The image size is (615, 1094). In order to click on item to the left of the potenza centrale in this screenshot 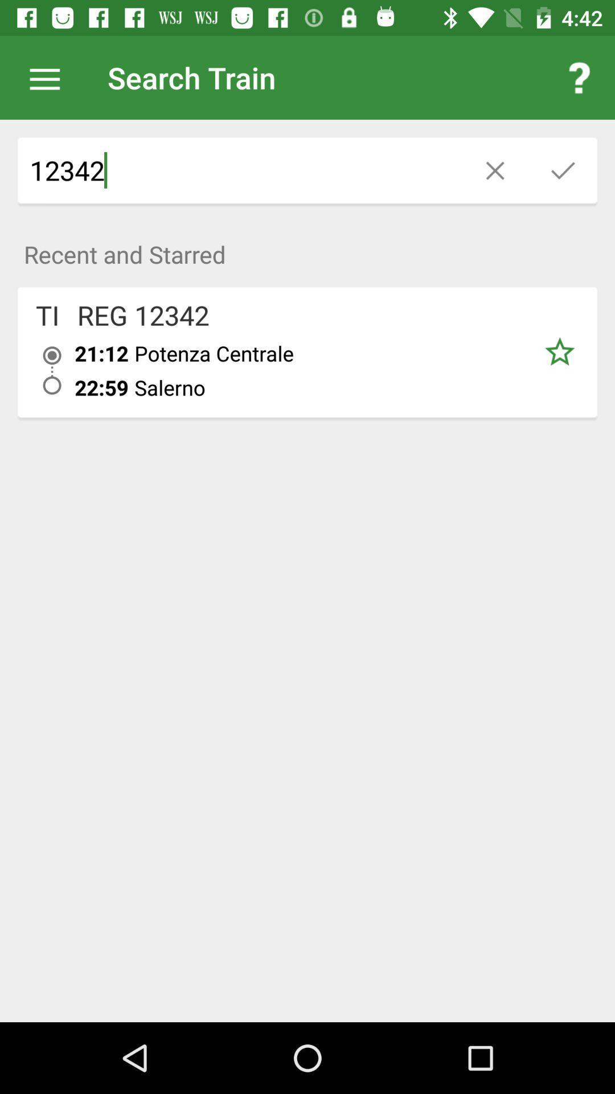, I will do `click(101, 353)`.